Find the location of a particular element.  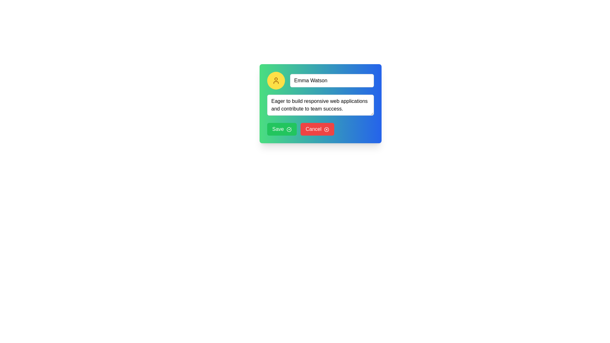

the circular avatar with a yellow background, containing a stylized user figure icon in darker yellow, located to the left of the text input field with the text 'Emma Watson' is located at coordinates (276, 80).